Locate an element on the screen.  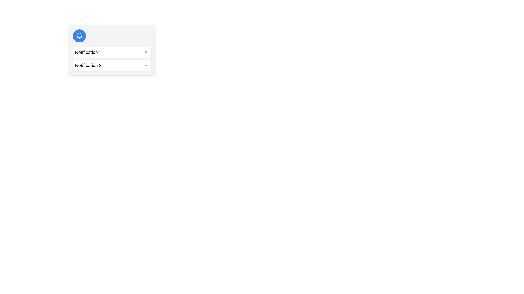
the notification bell icon located in the top-left region of the interface, which serves to notify users of updates or alerts is located at coordinates (79, 36).